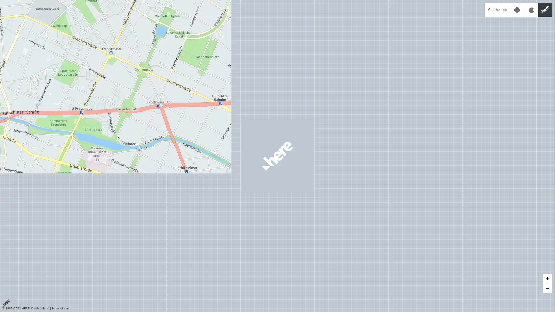  What do you see at coordinates (462, 281) in the screenshot?
I see `Feedback` at bounding box center [462, 281].